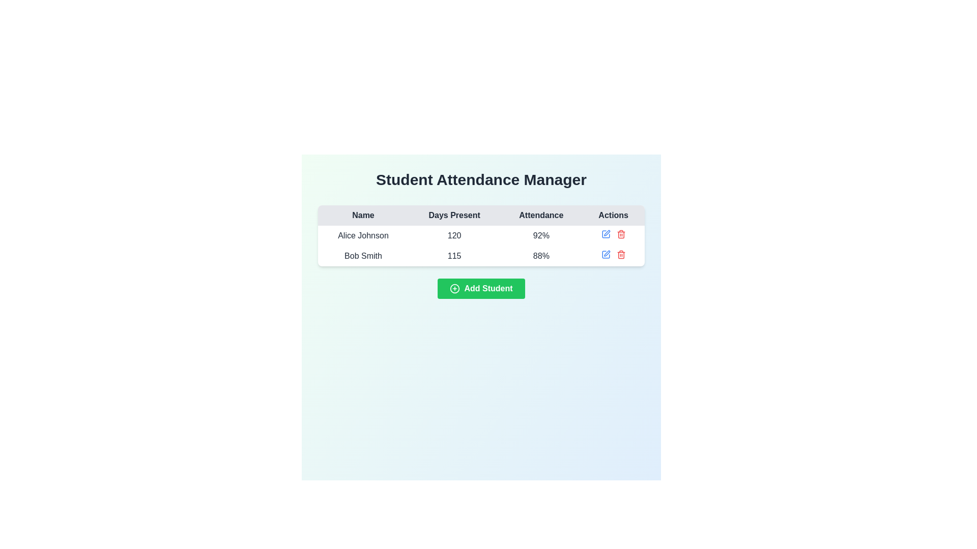  I want to click on the text label displaying the number '115' in the 'Days Present' column of the data table for 'Bob Smith', so click(454, 256).